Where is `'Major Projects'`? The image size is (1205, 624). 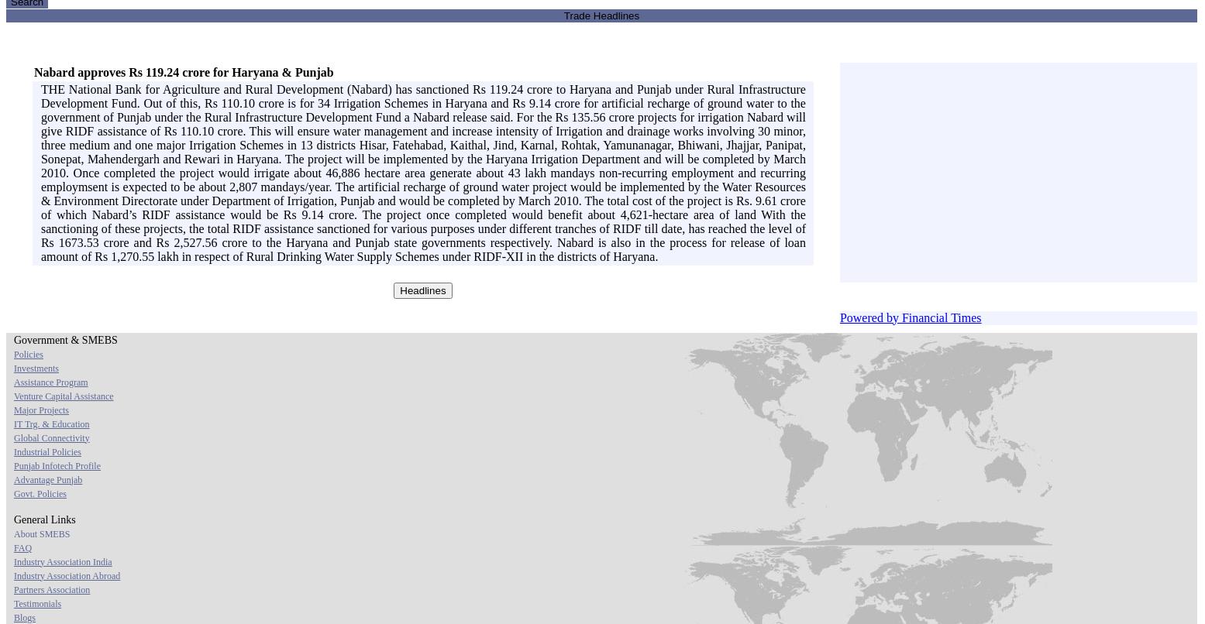
'Major Projects' is located at coordinates (41, 408).